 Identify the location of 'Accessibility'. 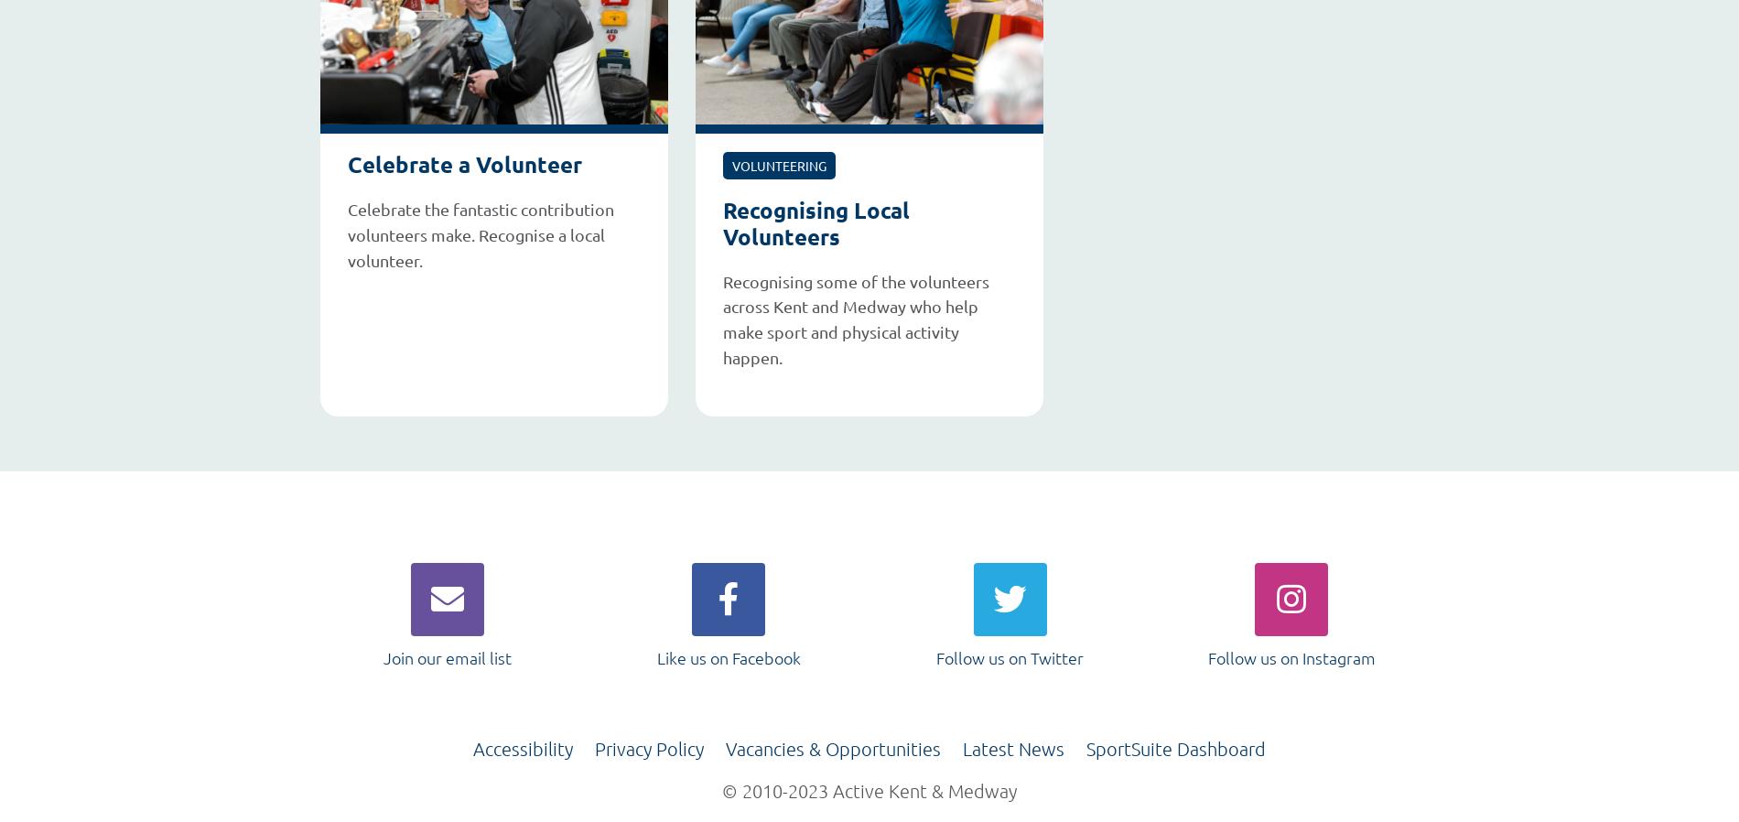
(472, 748).